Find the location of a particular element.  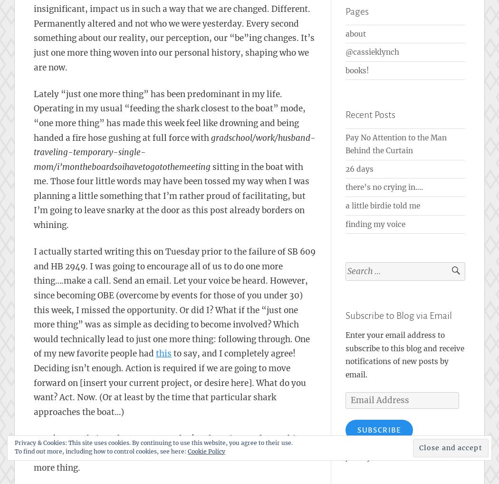

'to say, and I completely agree! Deciding isn’t enough. Action is required if we are going to move forward on [insert your current project, or desire here]. What do you want? Act. Now. (Or at least by the time that particular shark approaches the boat…)' is located at coordinates (169, 382).